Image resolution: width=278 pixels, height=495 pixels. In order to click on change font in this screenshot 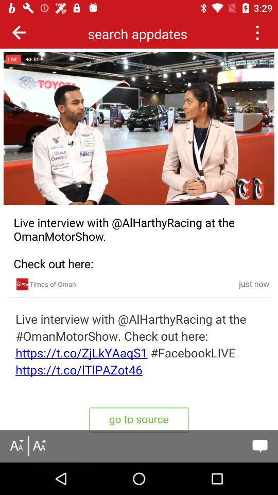, I will do `click(39, 445)`.